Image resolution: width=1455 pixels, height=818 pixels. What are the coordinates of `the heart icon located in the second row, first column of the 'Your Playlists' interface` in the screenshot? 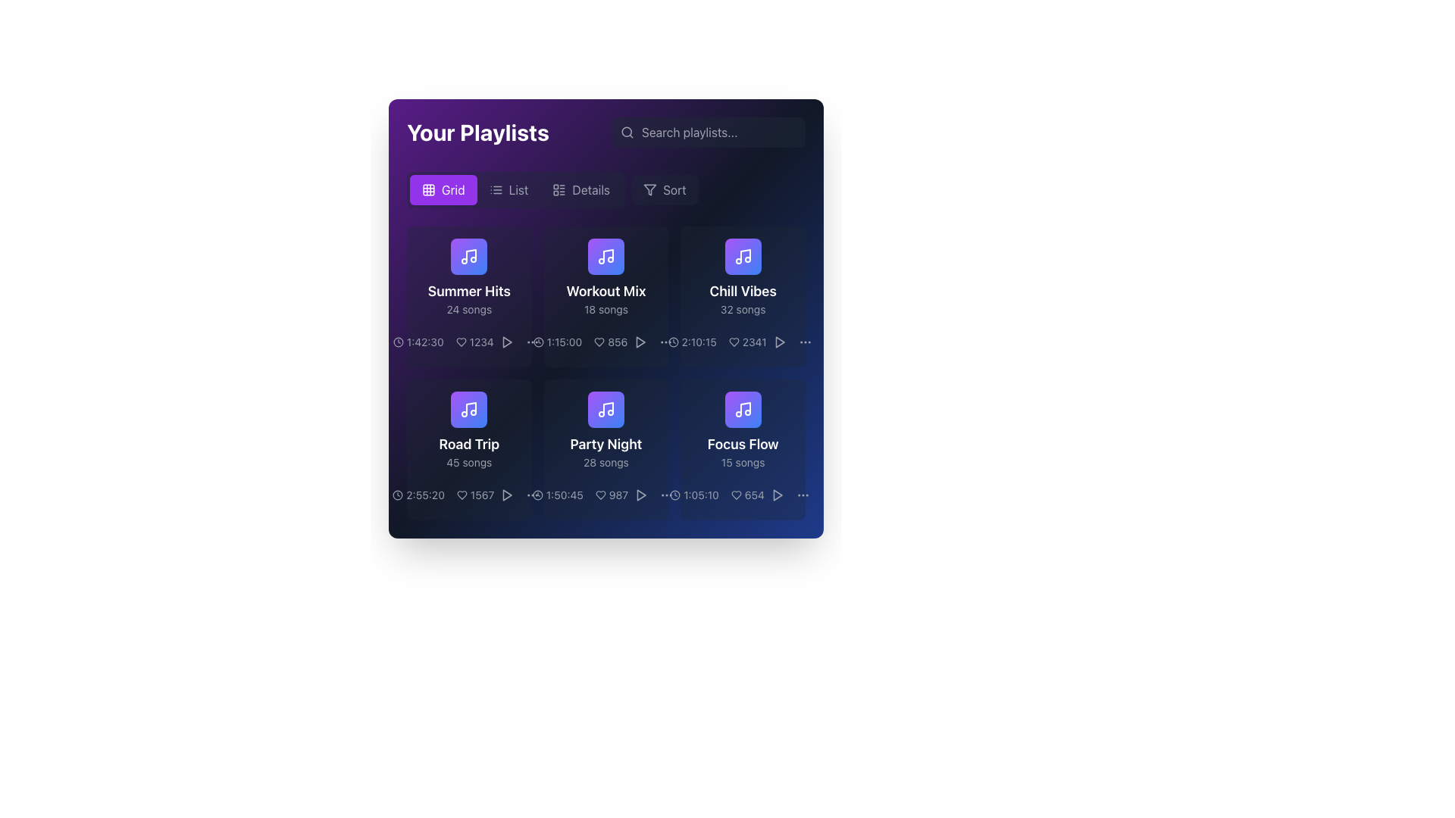 It's located at (461, 495).